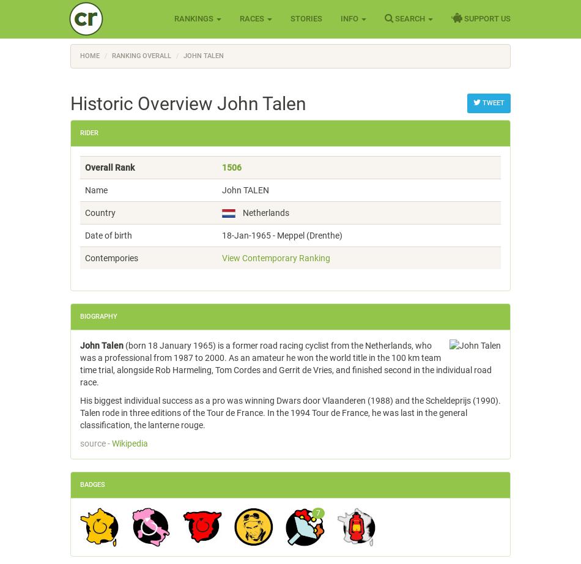 The width and height of the screenshot is (581, 564). What do you see at coordinates (89, 56) in the screenshot?
I see `'Home'` at bounding box center [89, 56].